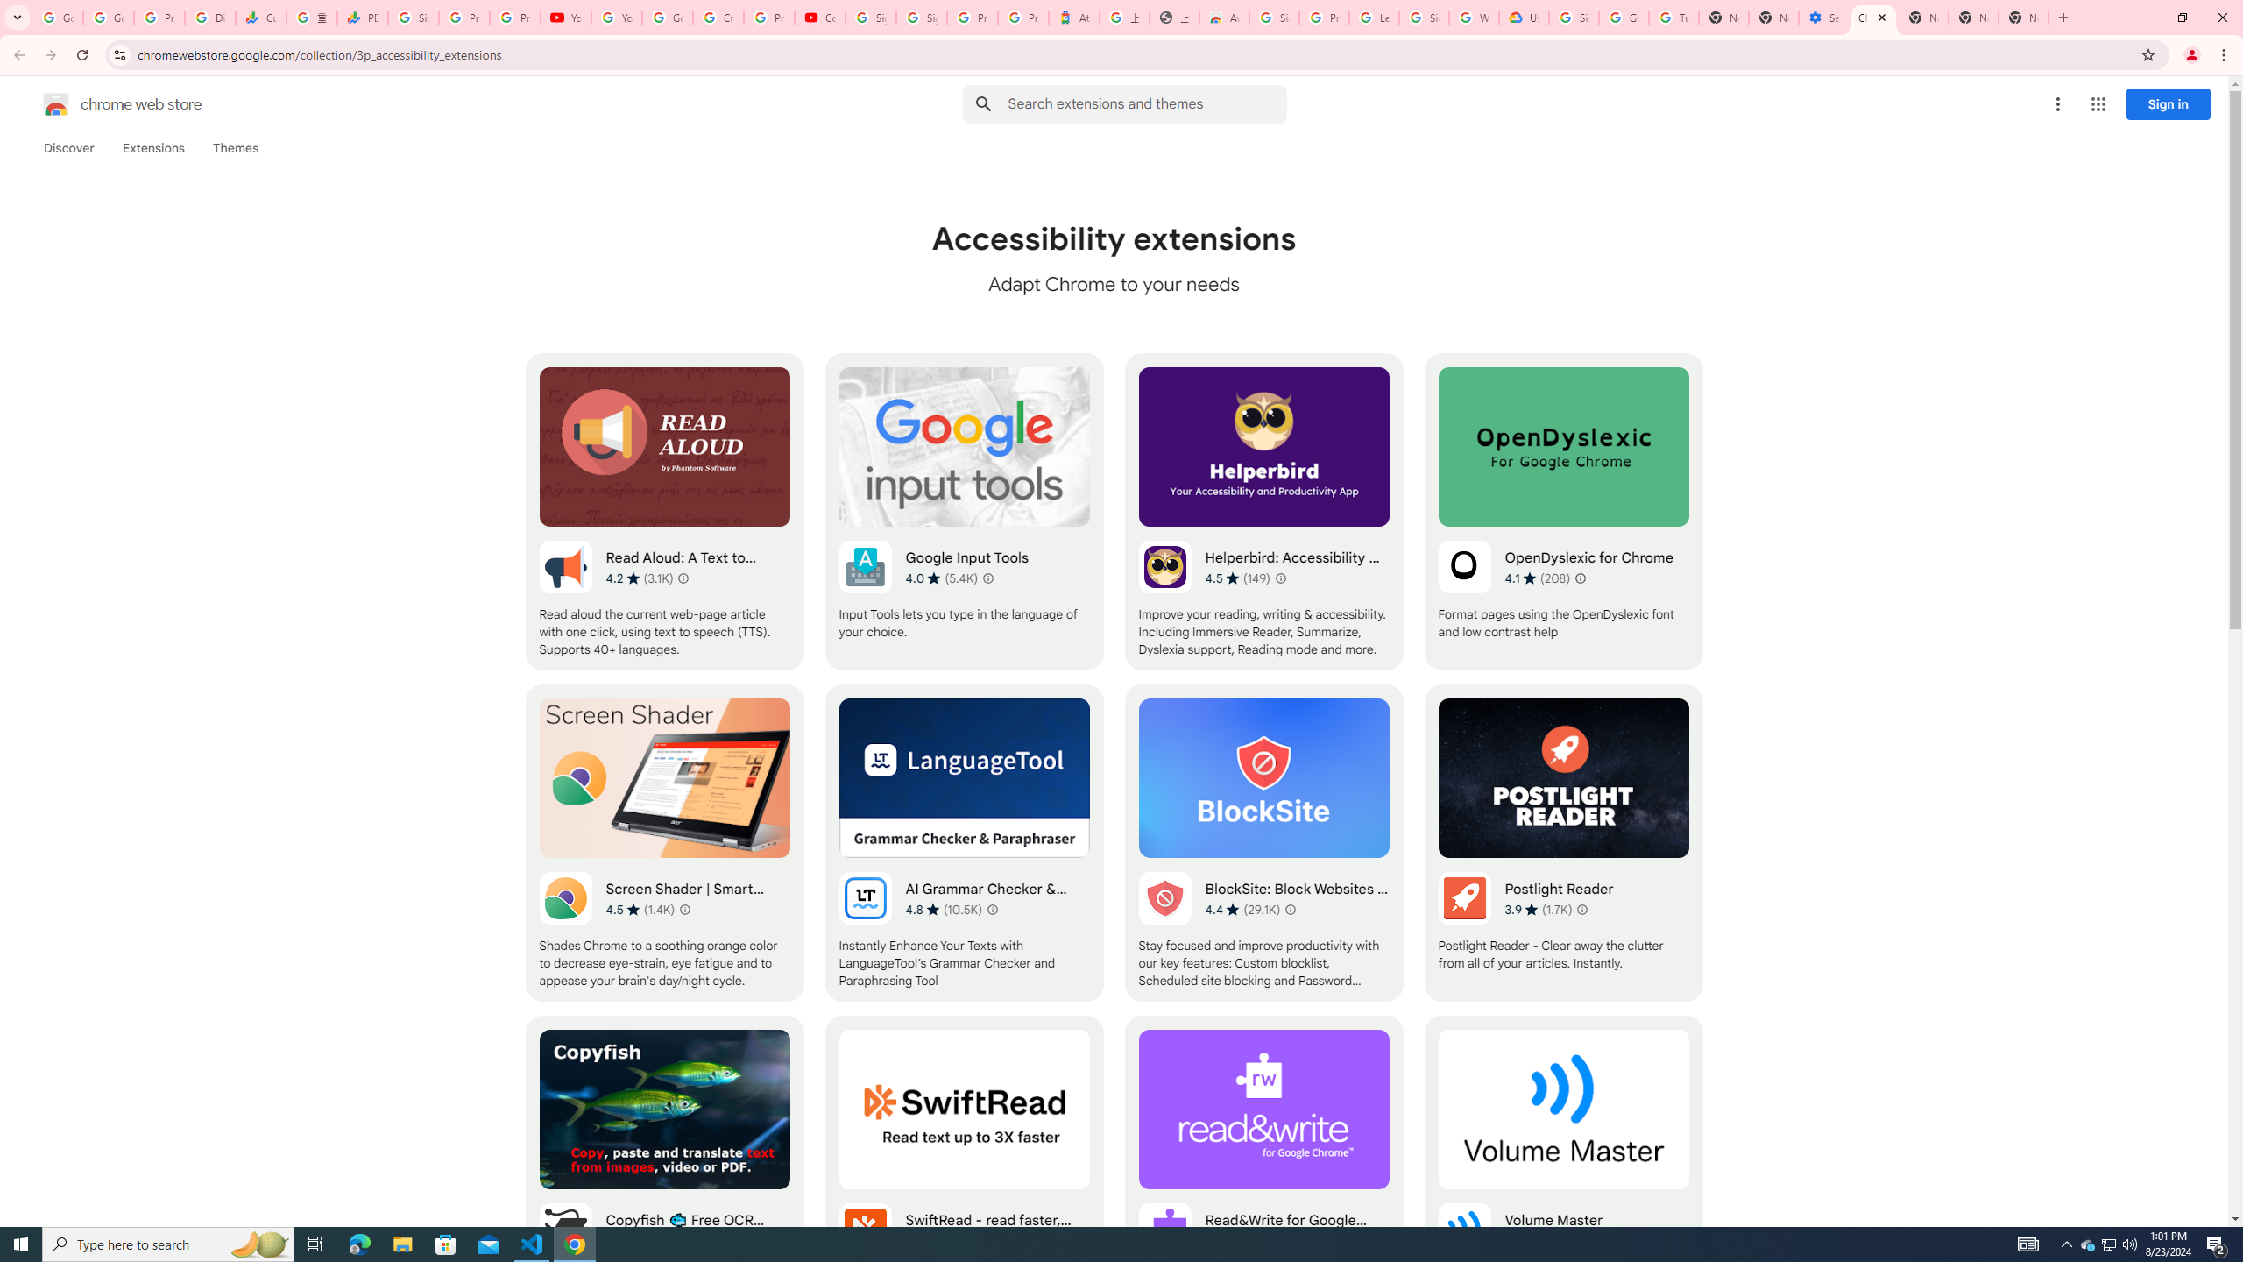  Describe the element at coordinates (639, 909) in the screenshot. I see `'Average rating 4.5 out of 5 stars. 1.4K ratings.'` at that location.